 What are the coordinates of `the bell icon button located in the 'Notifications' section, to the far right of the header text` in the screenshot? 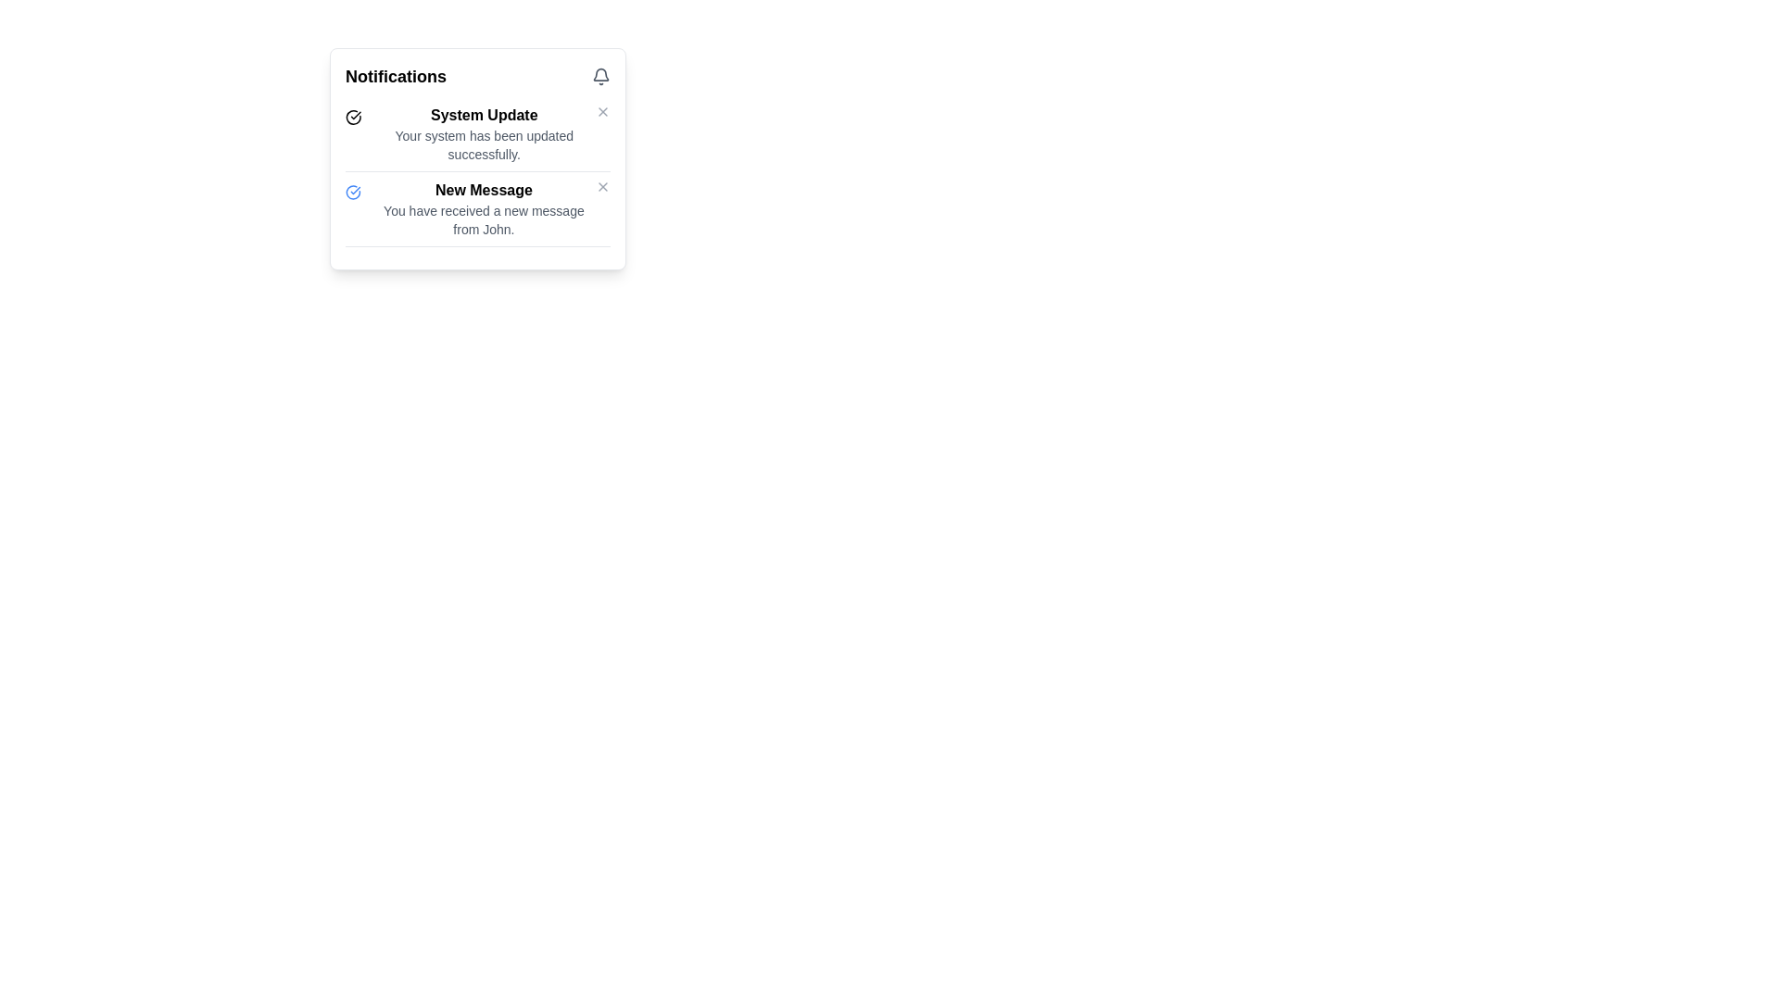 It's located at (600, 76).